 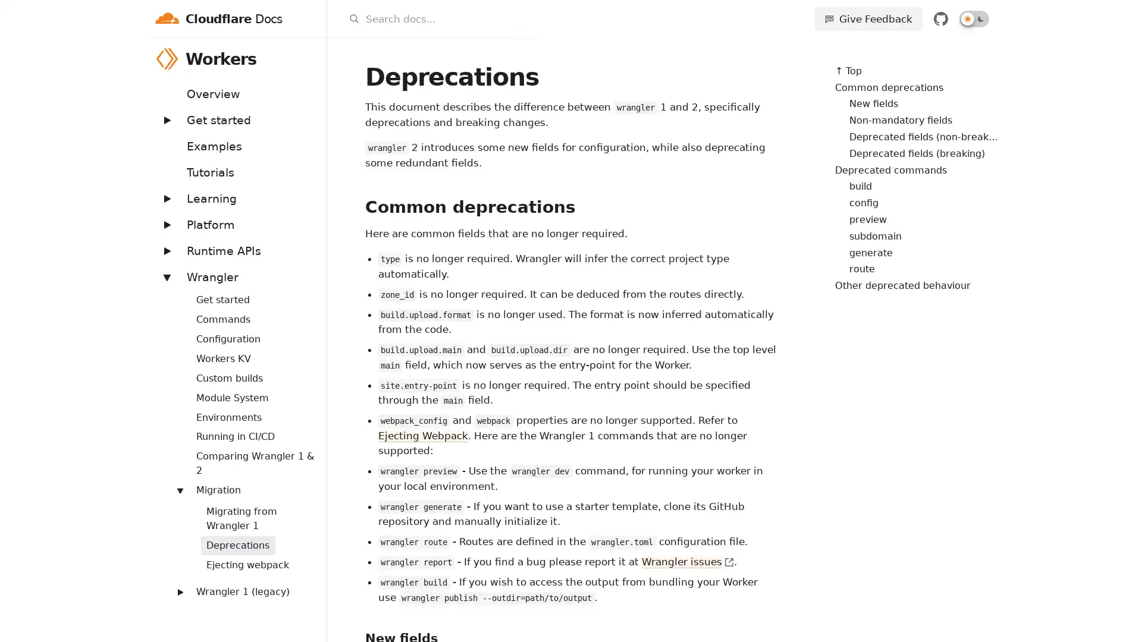 I want to click on Expand: Routing, so click(x=173, y=502).